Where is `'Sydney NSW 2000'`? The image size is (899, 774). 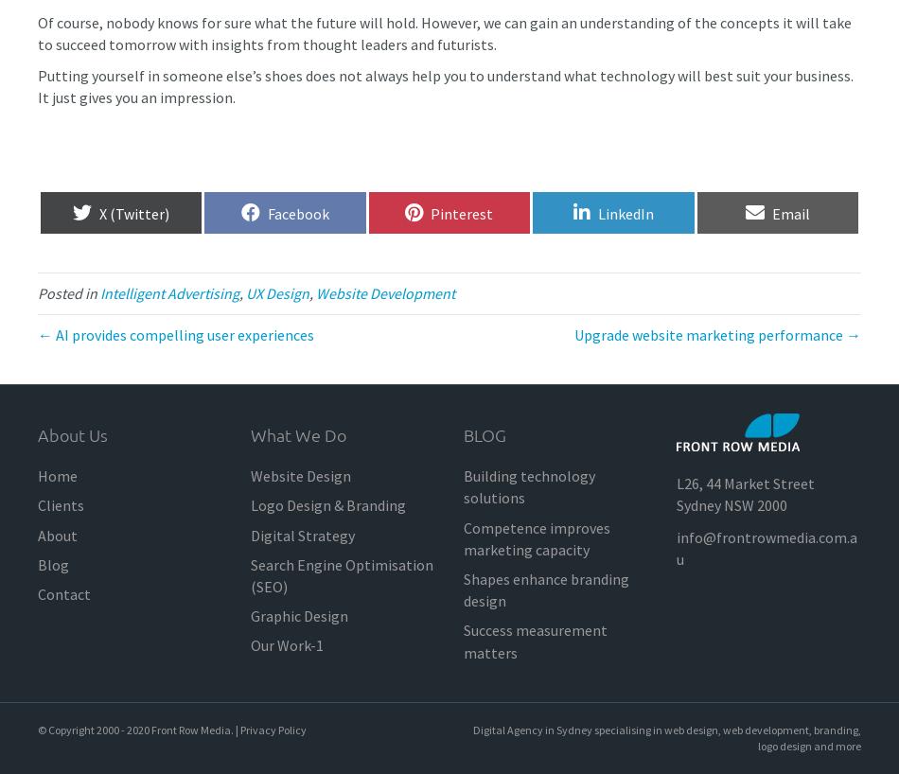
'Sydney NSW 2000' is located at coordinates (675, 504).